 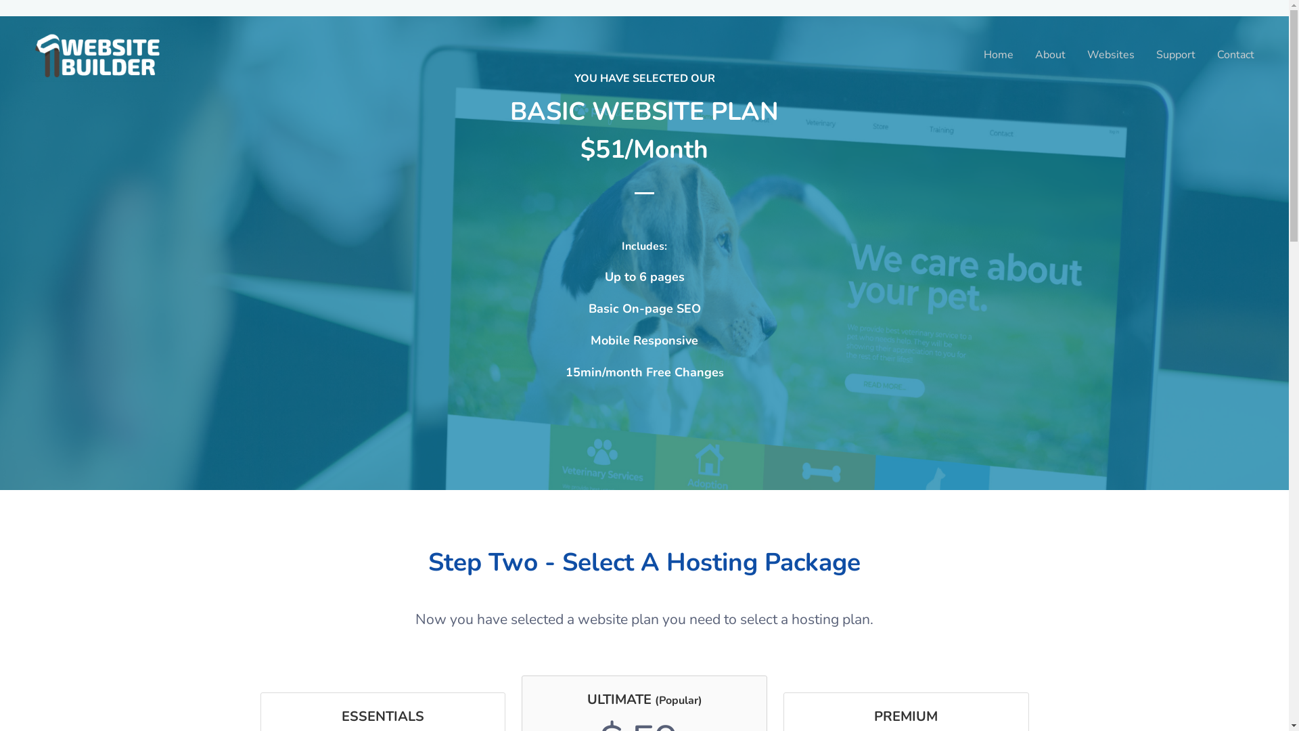 I want to click on 'Websites', so click(x=1110, y=53).